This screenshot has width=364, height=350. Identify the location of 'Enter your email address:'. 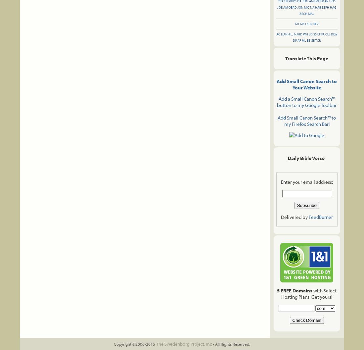
(306, 181).